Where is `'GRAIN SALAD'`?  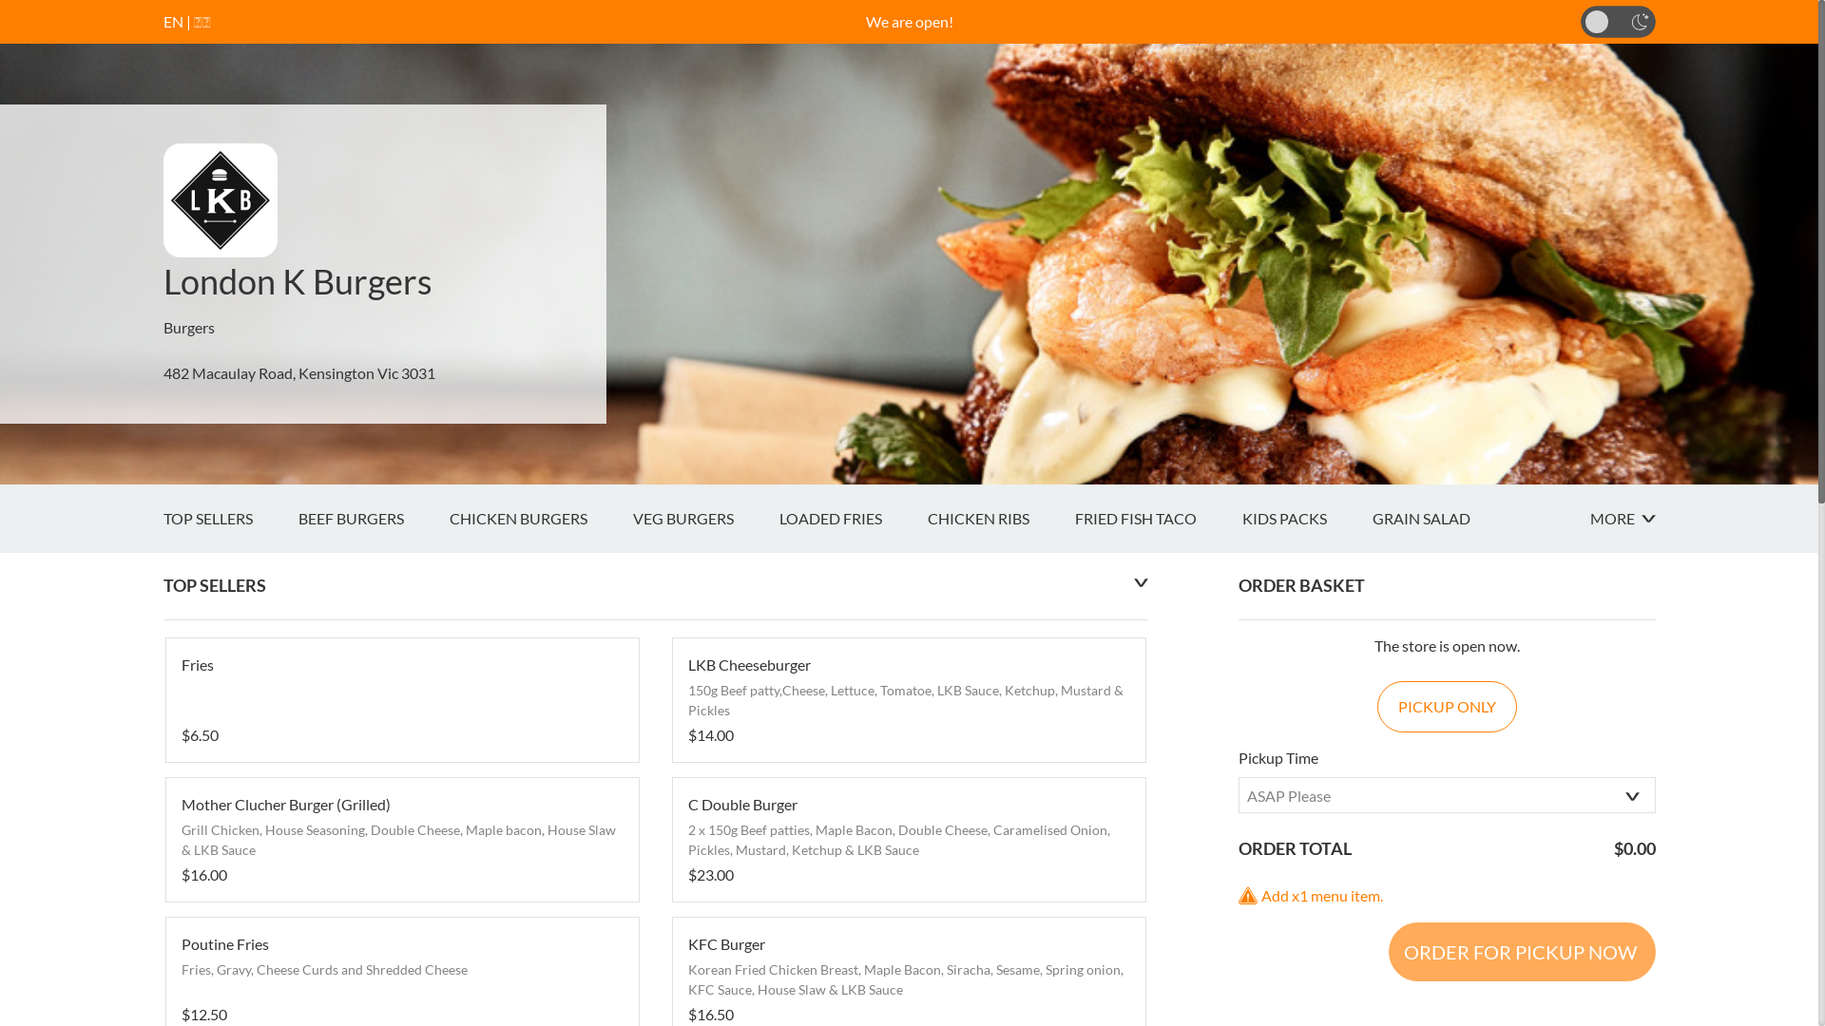 'GRAIN SALAD' is located at coordinates (1444, 519).